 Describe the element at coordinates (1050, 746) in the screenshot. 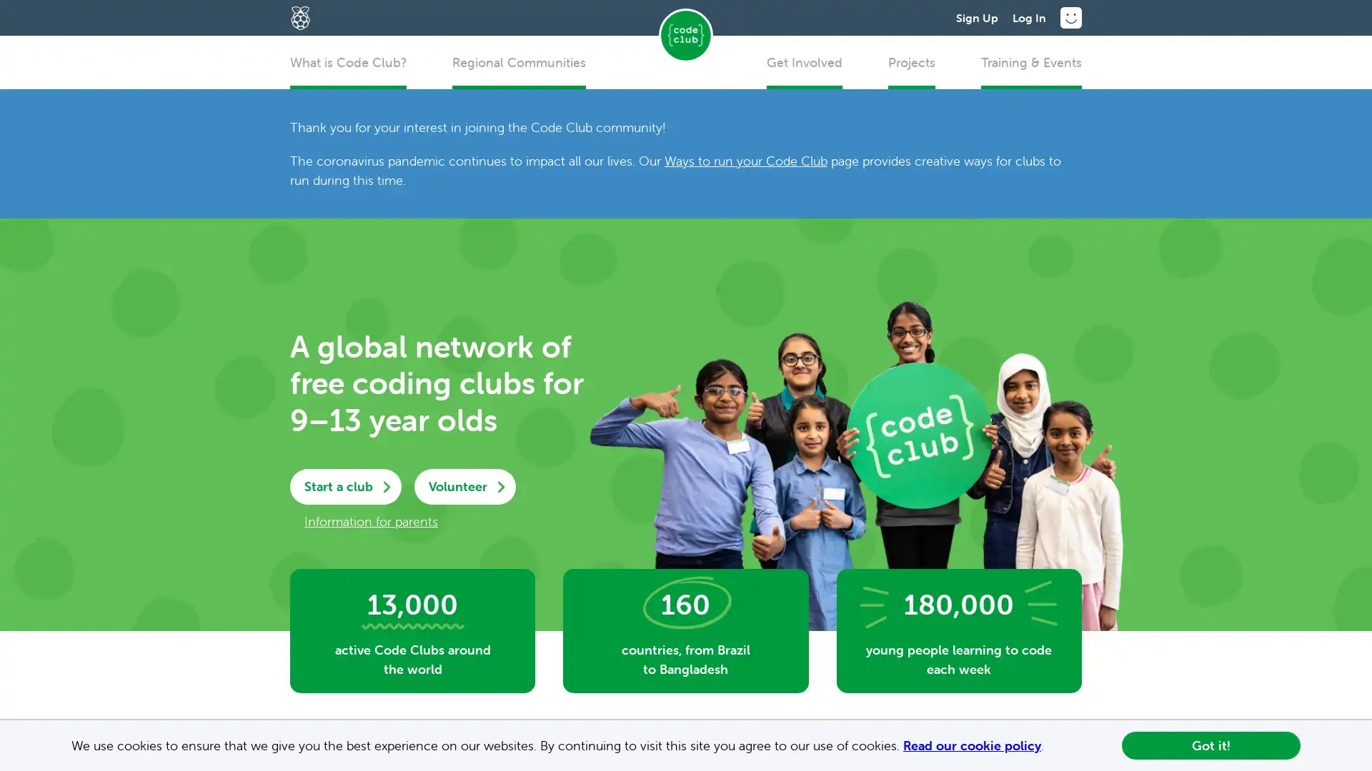

I see `learn more about cookies` at that location.